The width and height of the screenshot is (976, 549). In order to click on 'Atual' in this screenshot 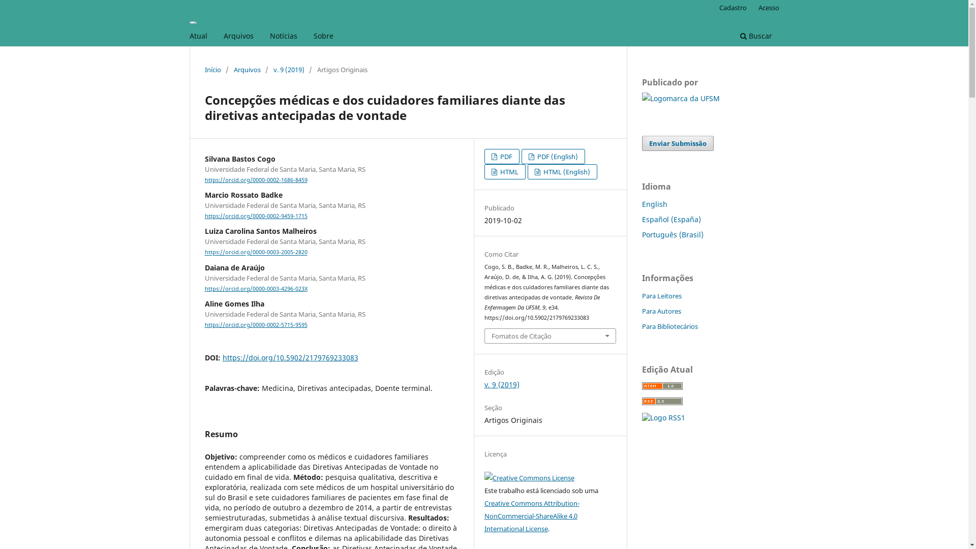, I will do `click(198, 37)`.